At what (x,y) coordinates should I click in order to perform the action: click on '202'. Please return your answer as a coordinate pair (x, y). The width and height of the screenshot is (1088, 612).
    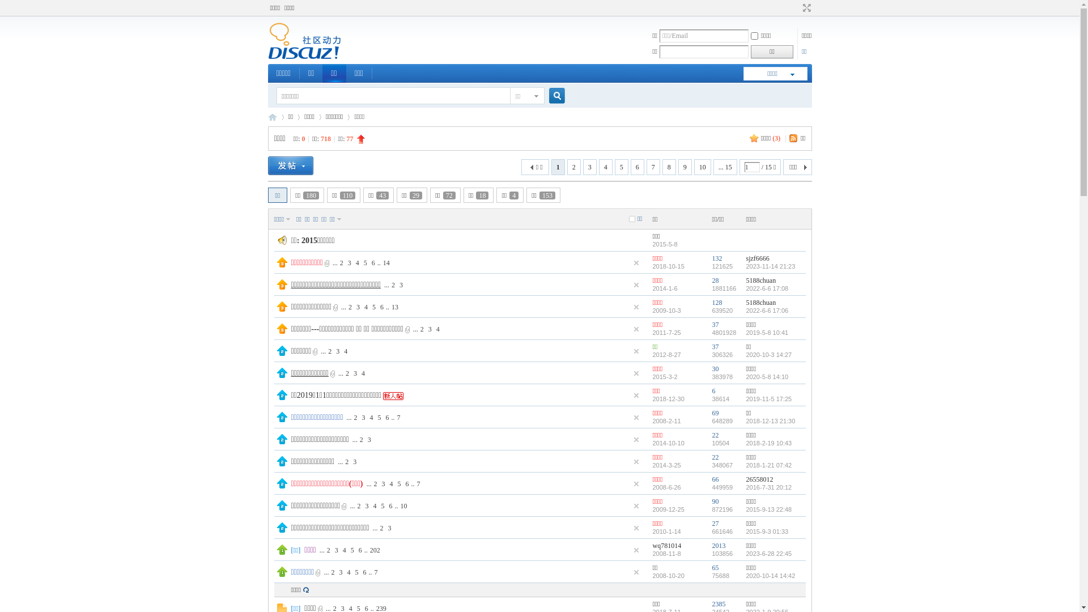
    Looking at the image, I should click on (375, 550).